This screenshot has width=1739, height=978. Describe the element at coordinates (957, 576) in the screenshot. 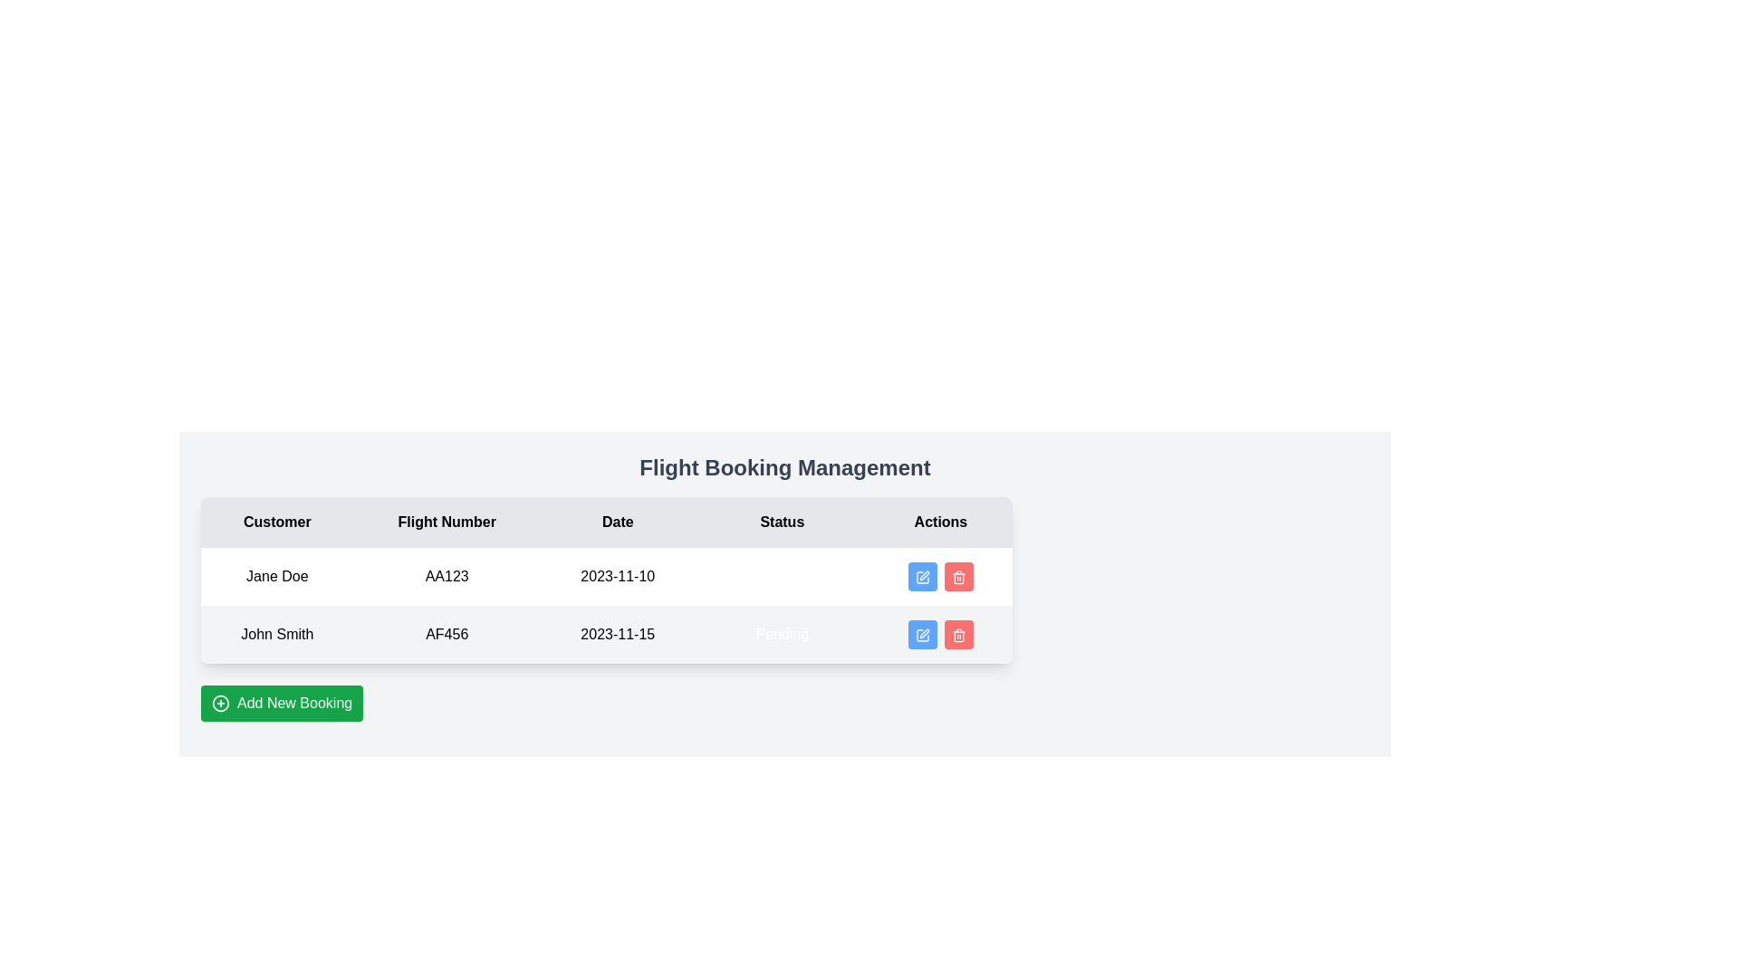

I see `the red square delete button with a trash can icon located at the end of the first row in the 'Actions' column, next to the blue 'edit' button` at that location.